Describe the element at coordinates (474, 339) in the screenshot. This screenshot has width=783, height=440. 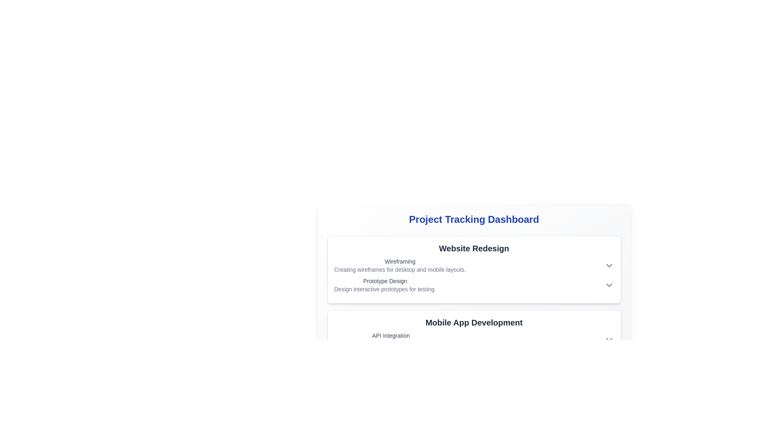
I see `information displayed in the list item related to API integration, which includes its title and description` at that location.